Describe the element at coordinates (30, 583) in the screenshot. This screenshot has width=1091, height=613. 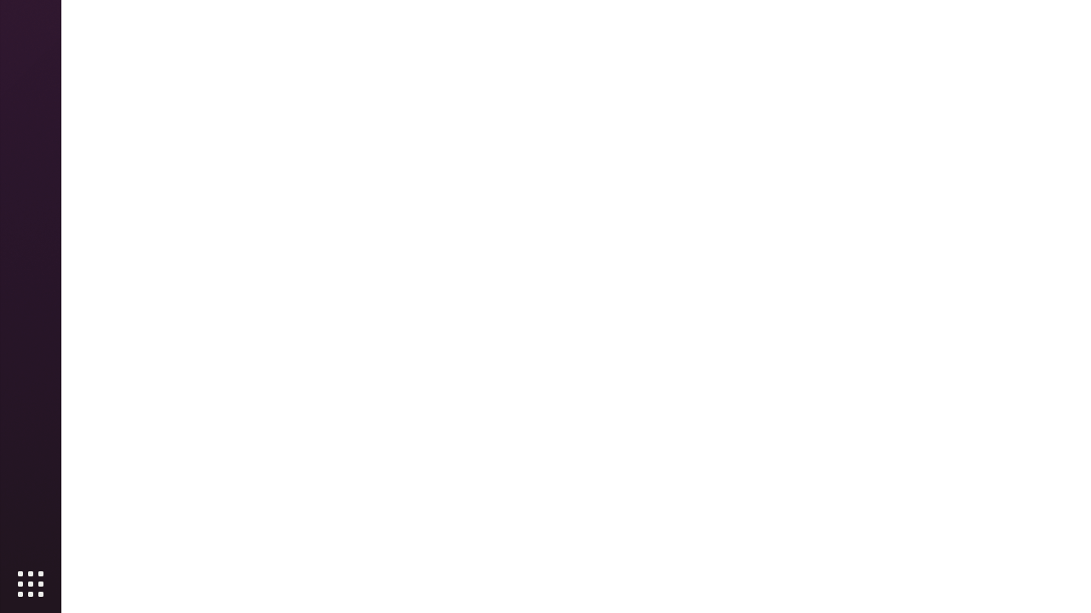
I see `'Show Applications'` at that location.